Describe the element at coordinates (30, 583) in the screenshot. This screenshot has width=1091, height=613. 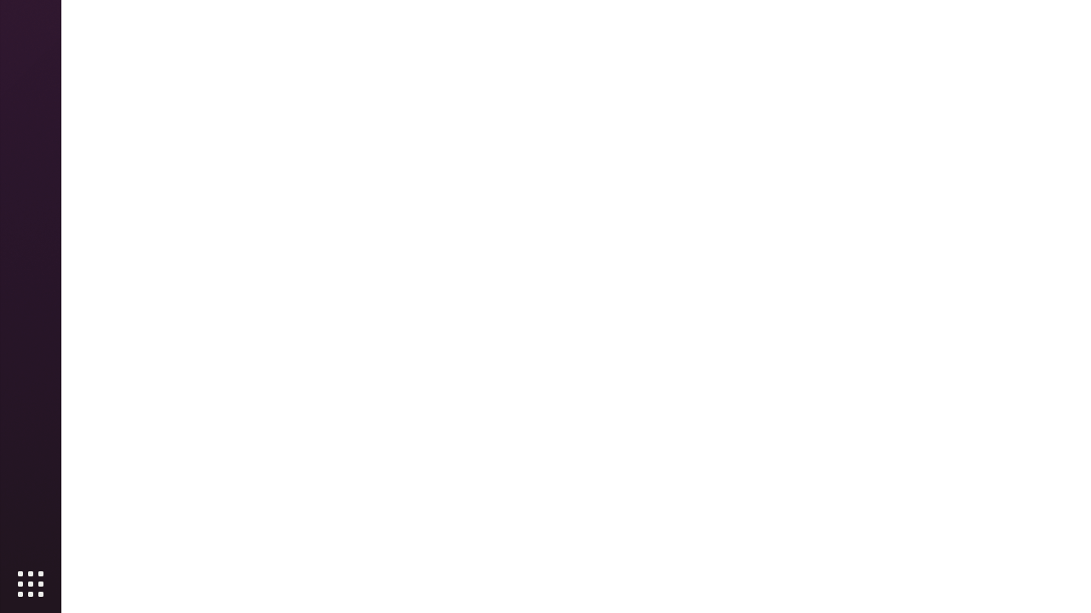
I see `'Show Applications'` at that location.